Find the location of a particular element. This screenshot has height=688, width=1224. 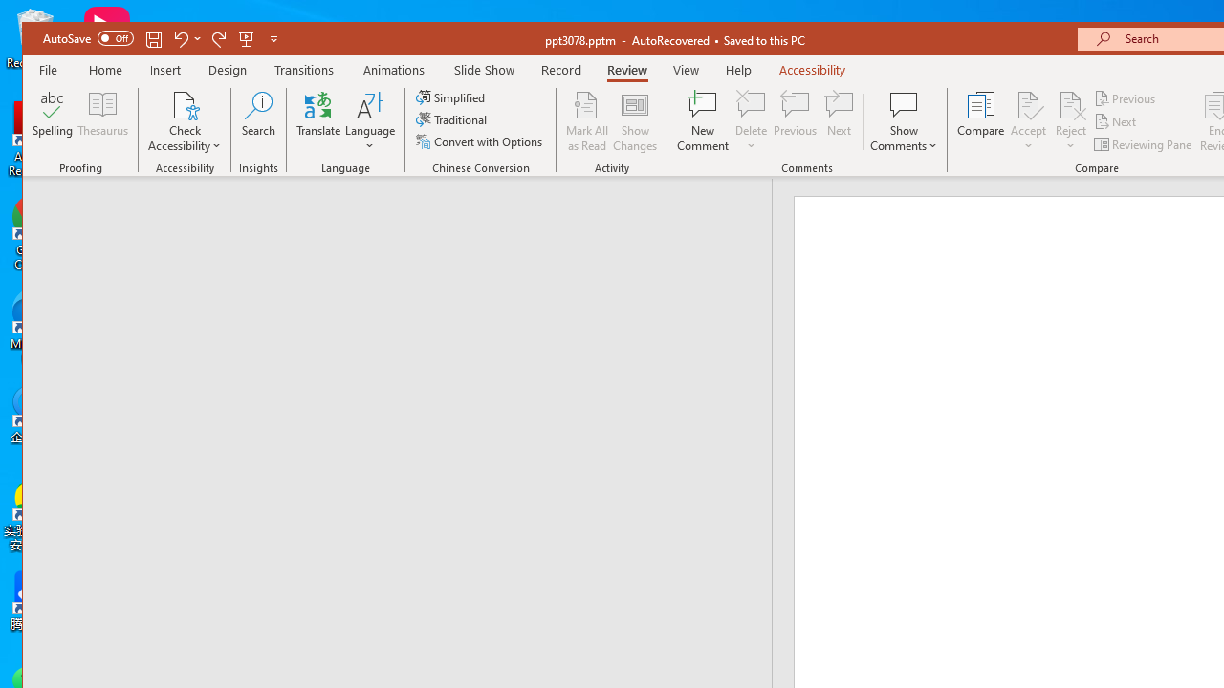

'Mark All as Read' is located at coordinates (586, 121).